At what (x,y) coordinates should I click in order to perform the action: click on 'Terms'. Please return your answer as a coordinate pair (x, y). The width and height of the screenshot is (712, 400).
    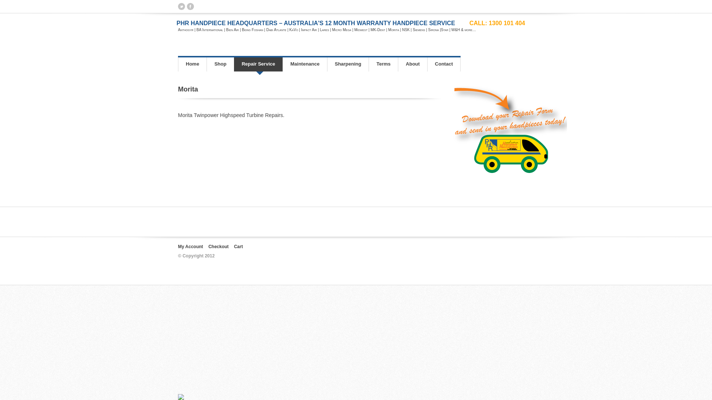
    Looking at the image, I should click on (368, 64).